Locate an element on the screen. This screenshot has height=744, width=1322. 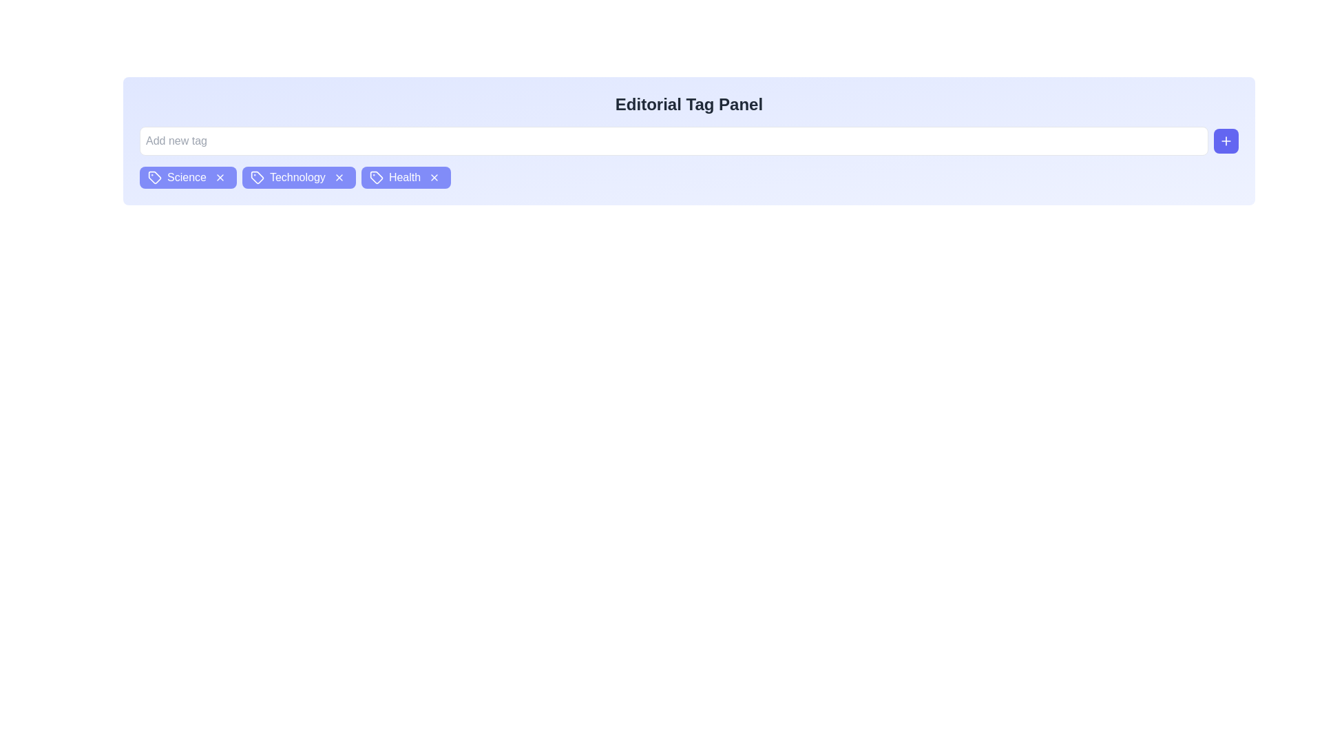
the delete button associated with the 'Health' tag to observe hover effects is located at coordinates (434, 177).